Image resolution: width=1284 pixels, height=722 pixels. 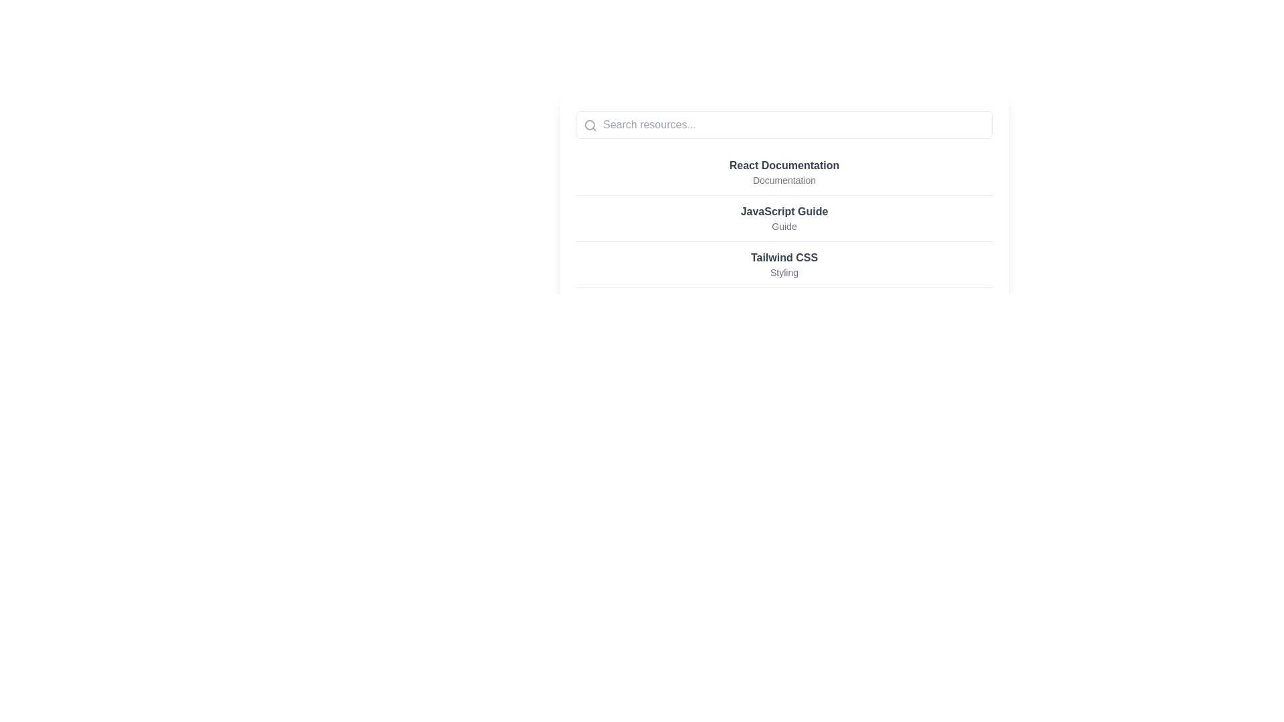 What do you see at coordinates (784, 265) in the screenshot?
I see `the clickable list item labeled 'Tailwind CSS' which has a bold title and a smaller descriptive label 'Styling'` at bounding box center [784, 265].